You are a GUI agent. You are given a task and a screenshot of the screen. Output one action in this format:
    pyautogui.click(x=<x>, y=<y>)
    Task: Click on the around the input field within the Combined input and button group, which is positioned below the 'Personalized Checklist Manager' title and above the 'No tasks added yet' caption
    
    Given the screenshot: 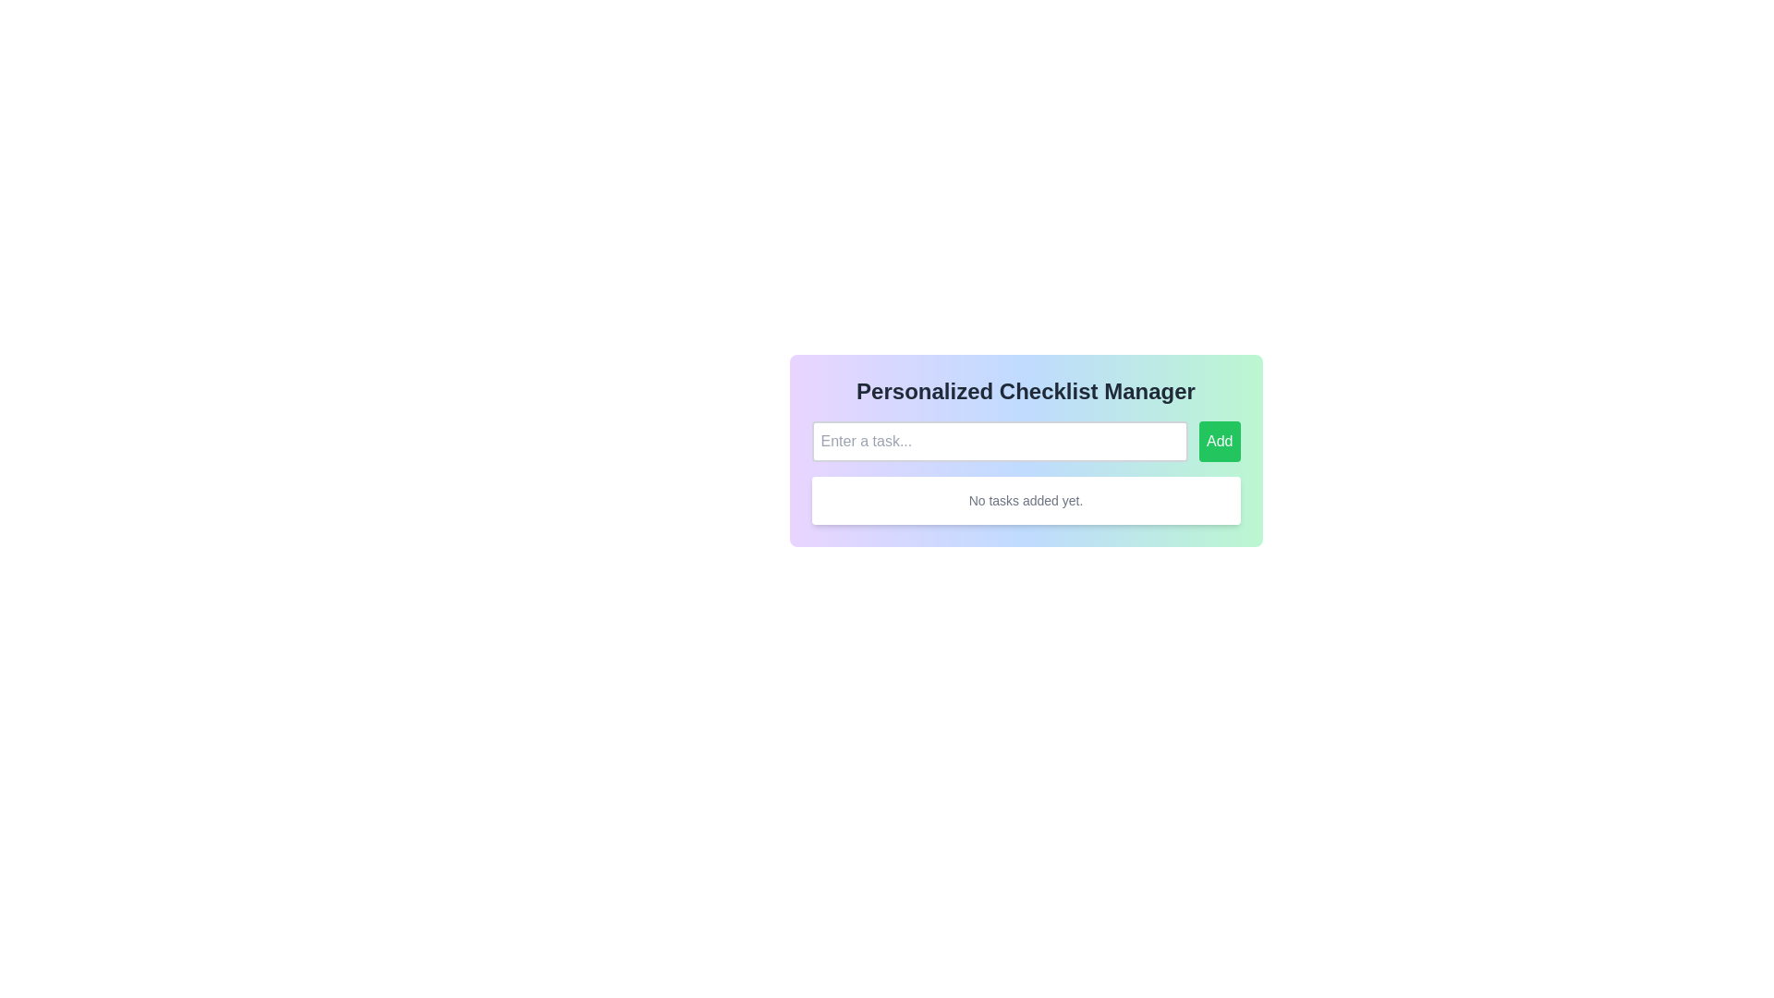 What is the action you would take?
    pyautogui.click(x=1025, y=442)
    